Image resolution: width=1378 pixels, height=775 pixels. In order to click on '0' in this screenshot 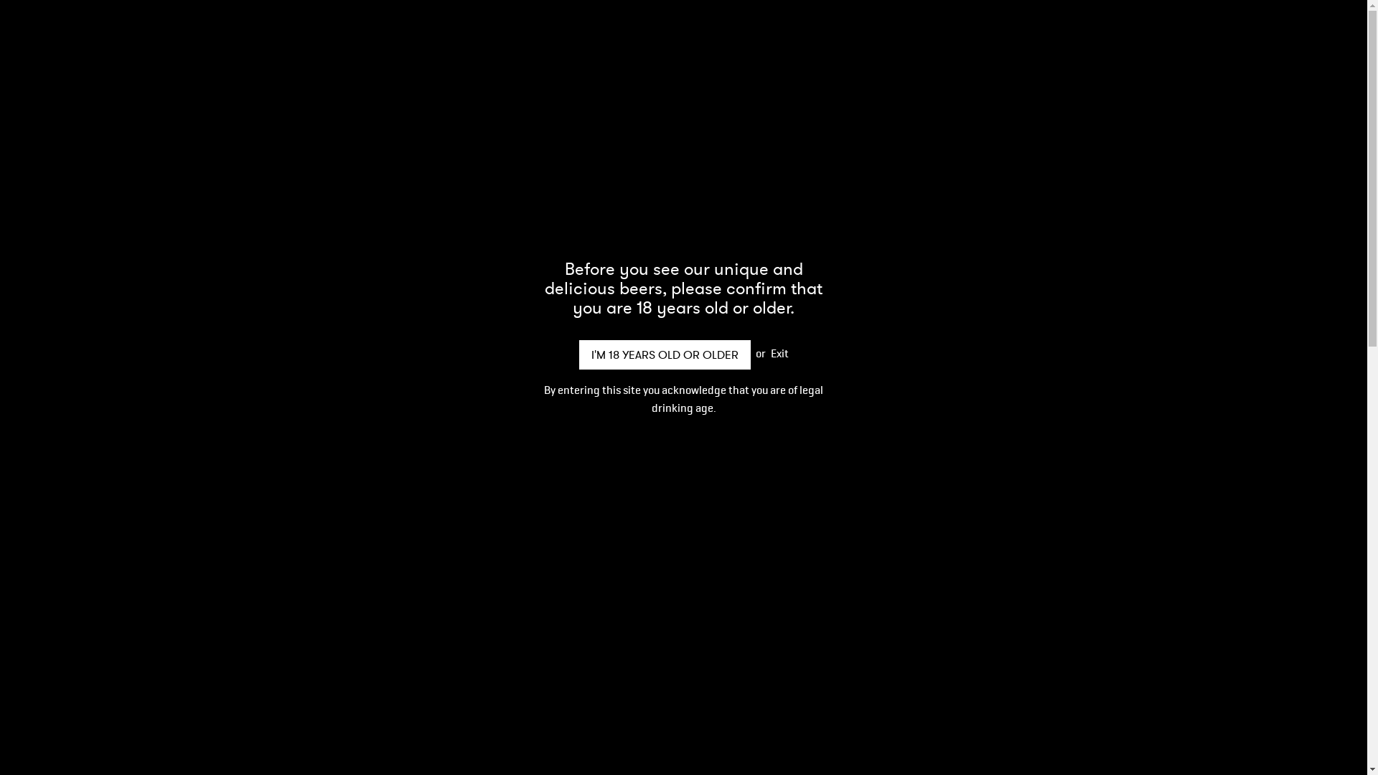, I will do `click(1306, 46)`.